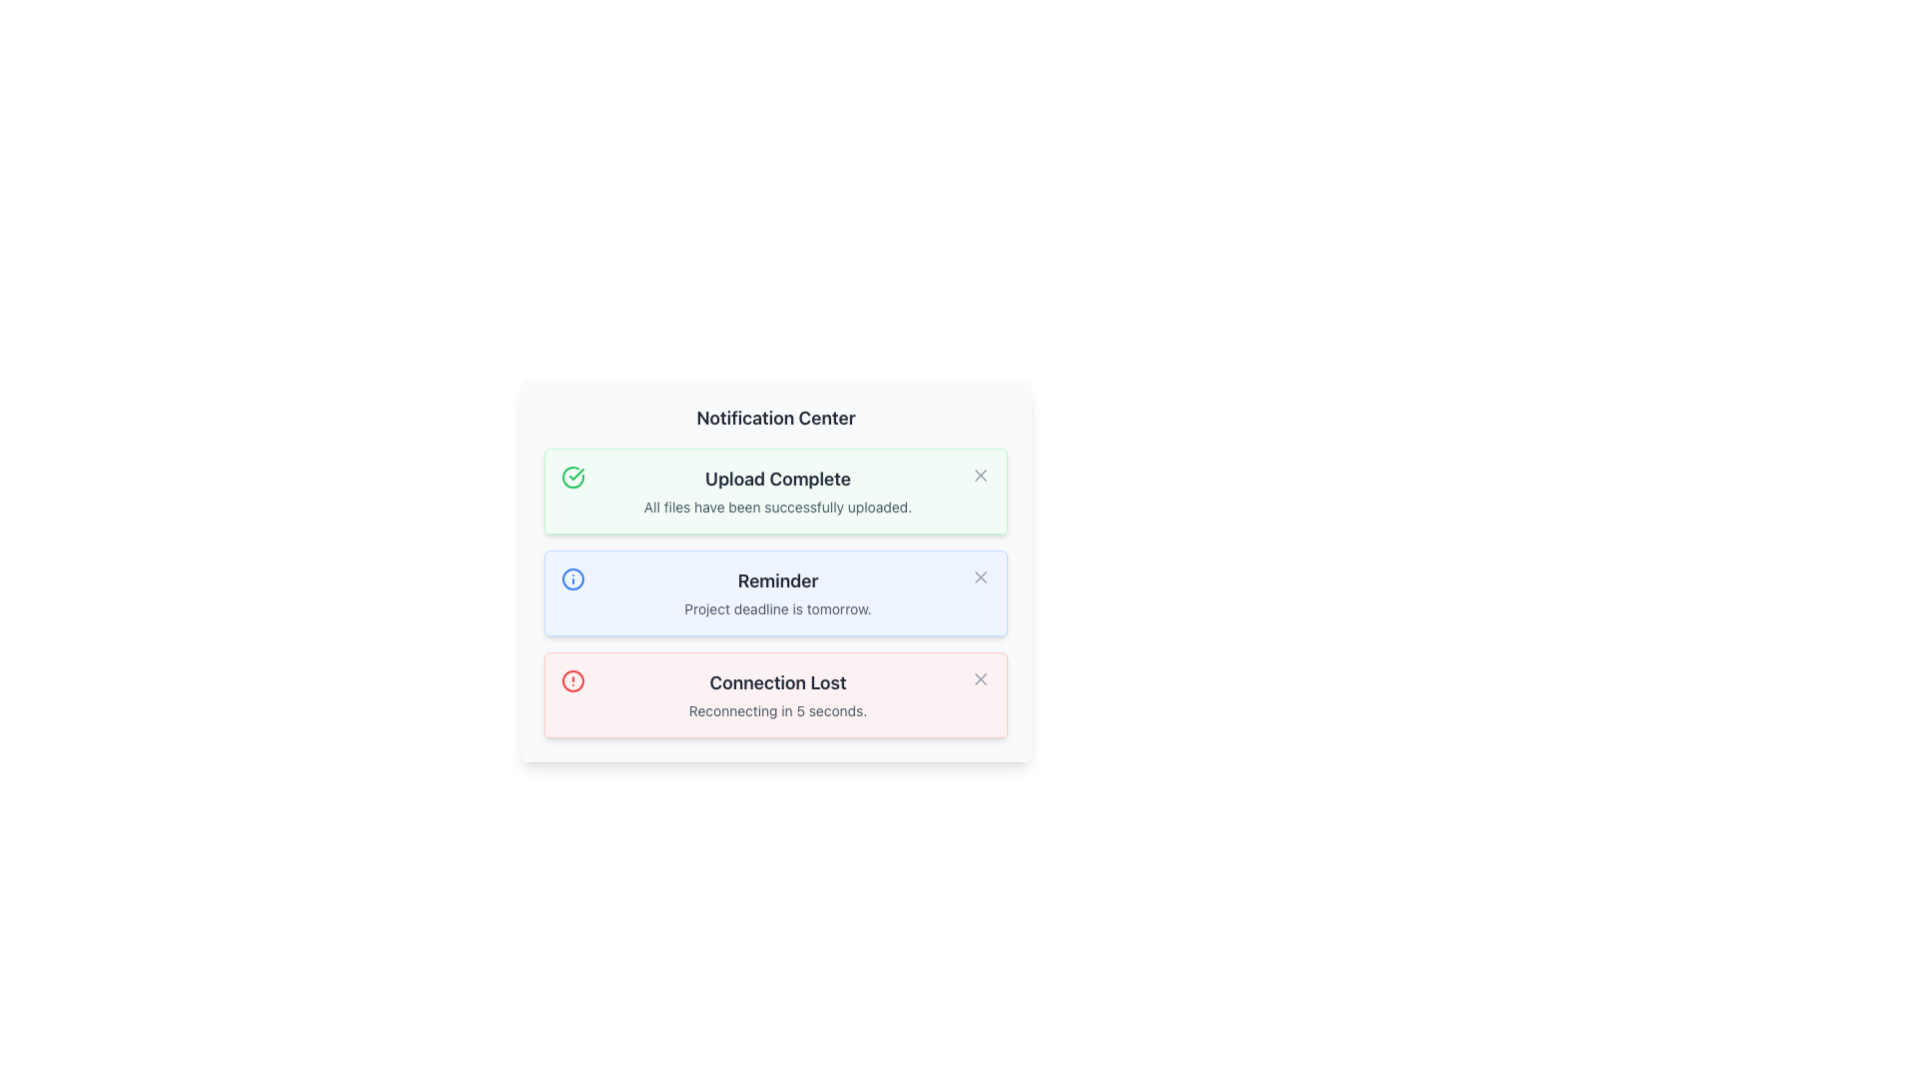 This screenshot has width=1918, height=1079. What do you see at coordinates (974, 475) in the screenshot?
I see `the close icon represented by an 'X' symbol in gray color located at the top-right corner of the 'Upload Complete' notification in the Notification Center to change its color` at bounding box center [974, 475].